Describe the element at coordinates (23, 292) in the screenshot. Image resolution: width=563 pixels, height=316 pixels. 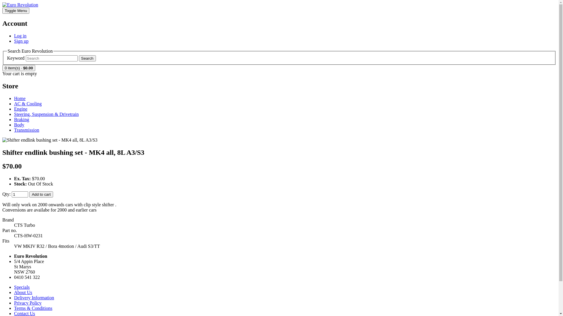
I see `'About Us'` at that location.